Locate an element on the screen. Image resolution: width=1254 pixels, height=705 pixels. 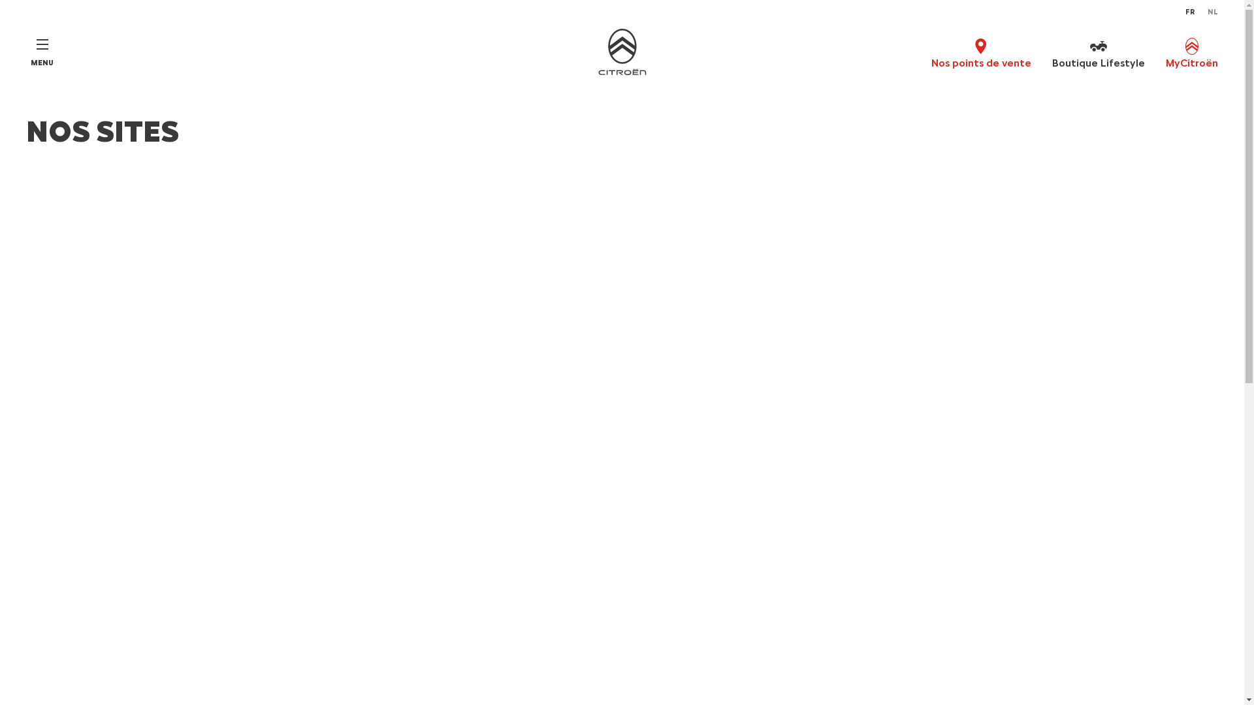
'NL' is located at coordinates (1212, 12).